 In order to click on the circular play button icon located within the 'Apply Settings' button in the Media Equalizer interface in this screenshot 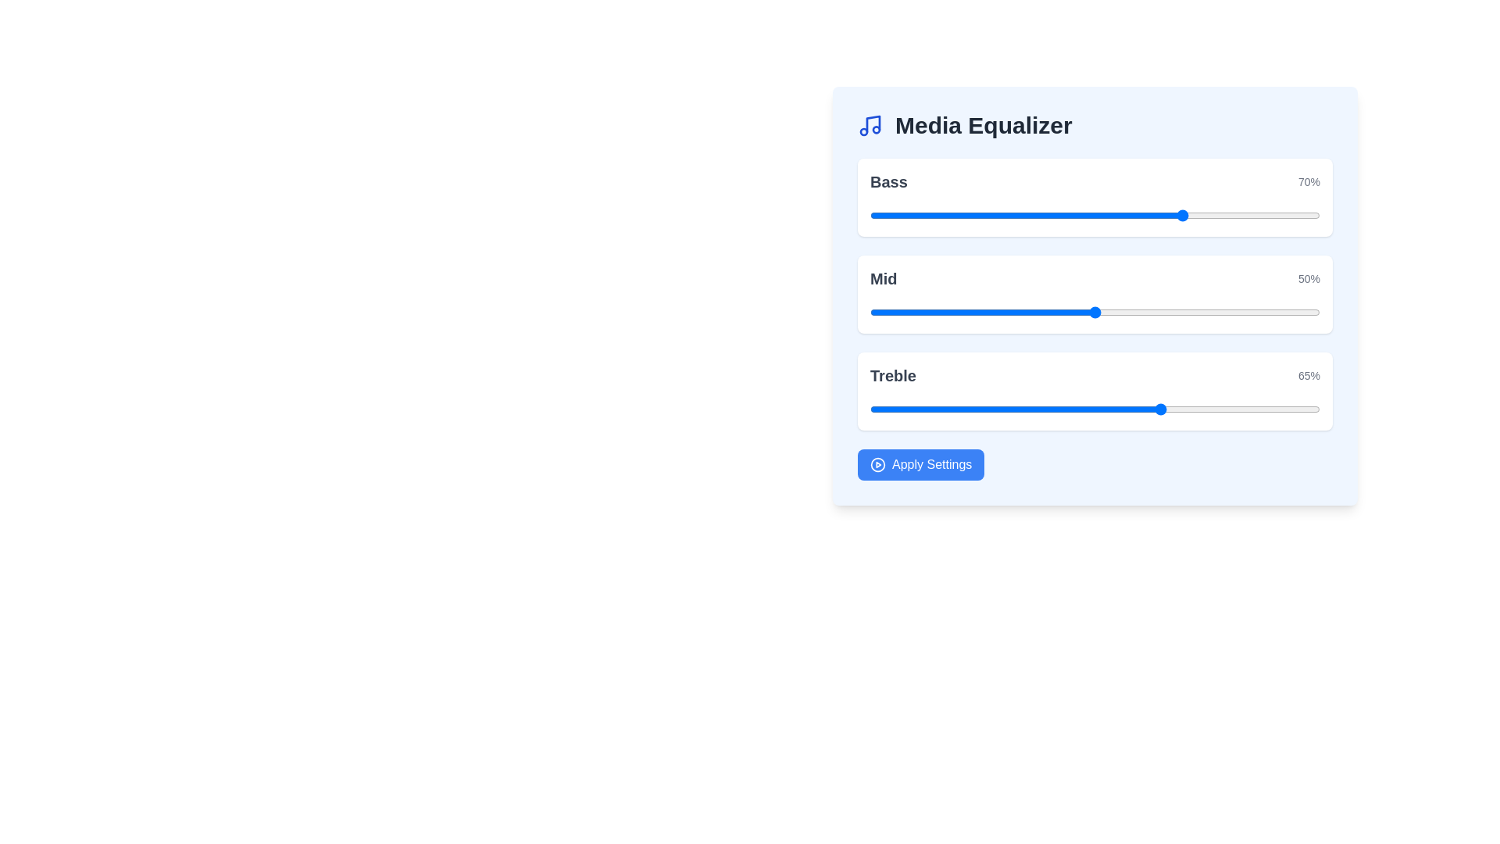, I will do `click(877, 463)`.